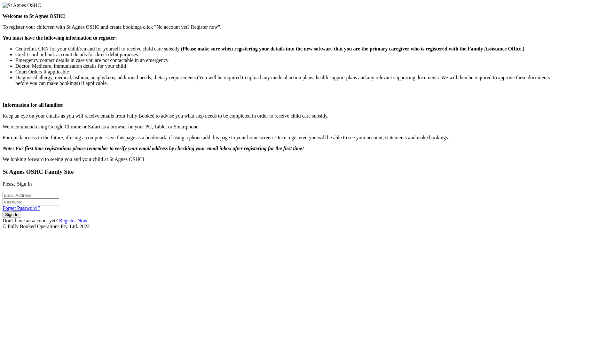 Image resolution: width=614 pixels, height=345 pixels. What do you see at coordinates (12, 214) in the screenshot?
I see `'Sign In'` at bounding box center [12, 214].